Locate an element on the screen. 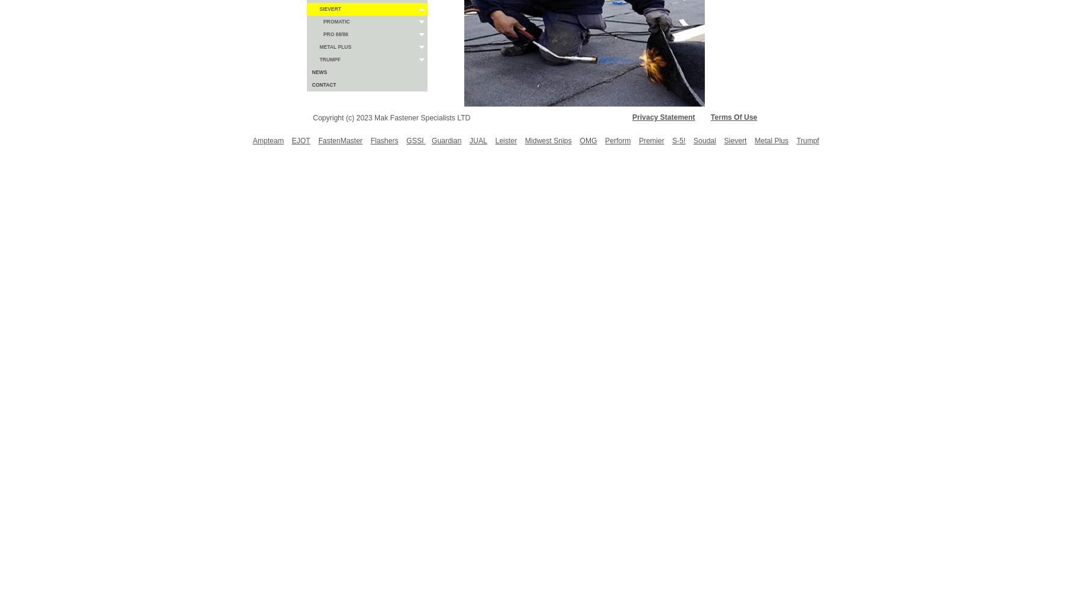 This screenshot has width=1072, height=602. 'GSSI' is located at coordinates (416, 140).